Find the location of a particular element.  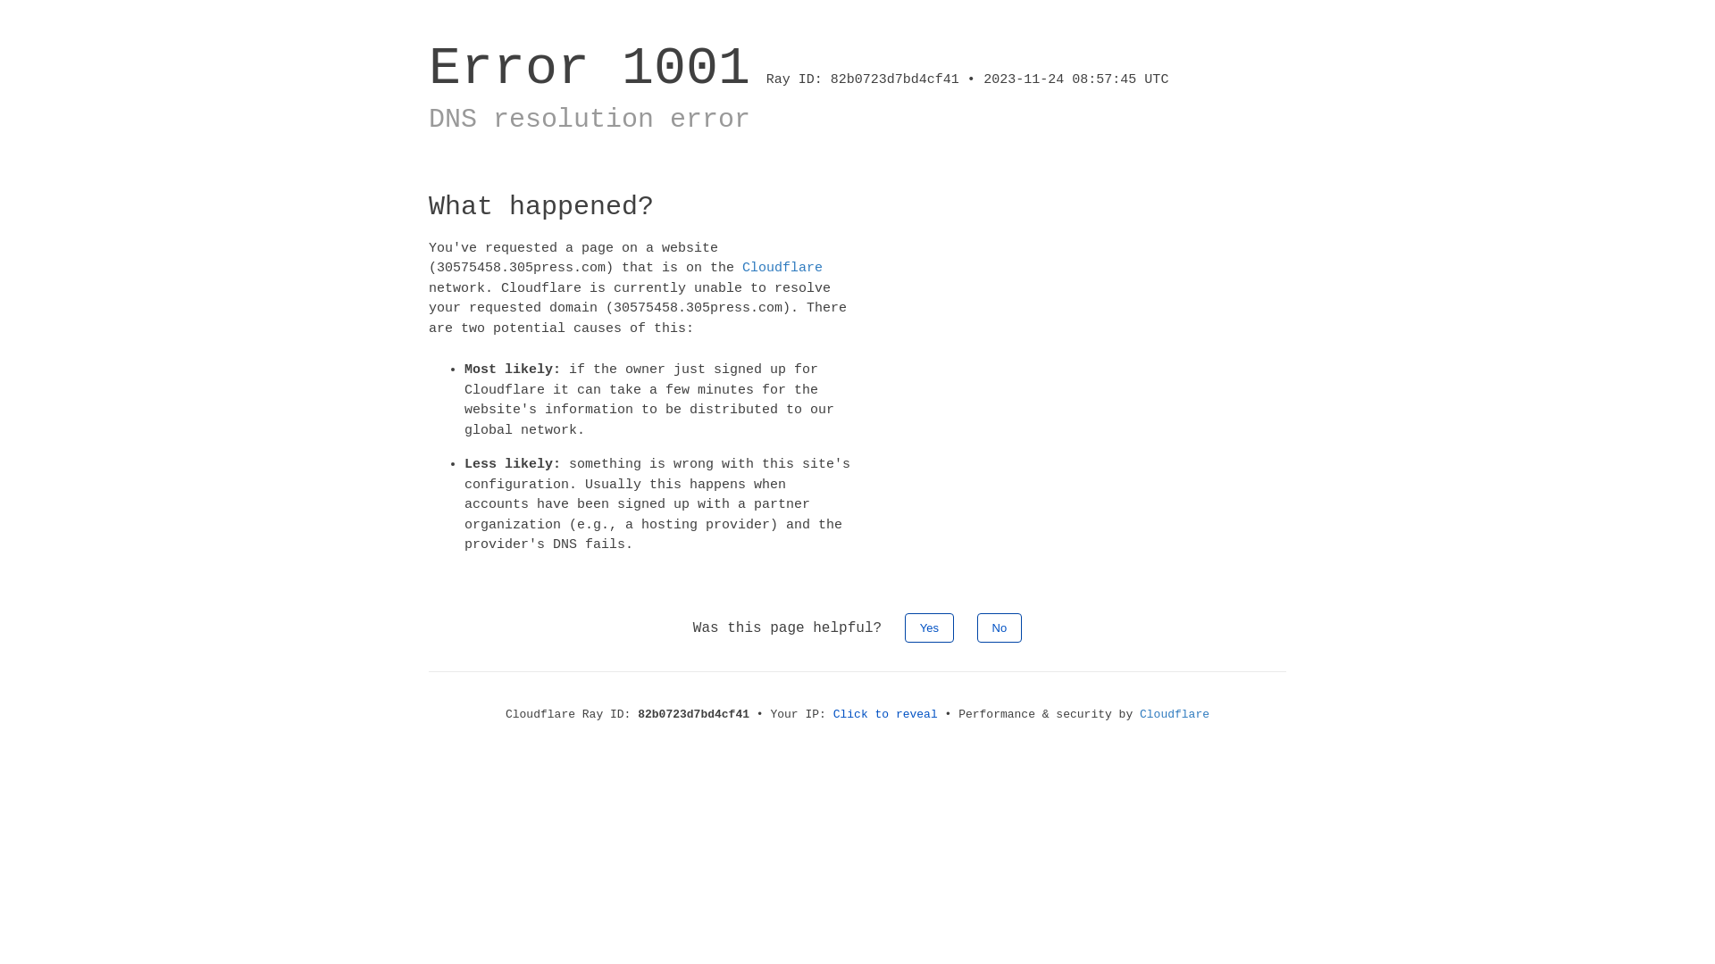

'Yes' is located at coordinates (929, 626).